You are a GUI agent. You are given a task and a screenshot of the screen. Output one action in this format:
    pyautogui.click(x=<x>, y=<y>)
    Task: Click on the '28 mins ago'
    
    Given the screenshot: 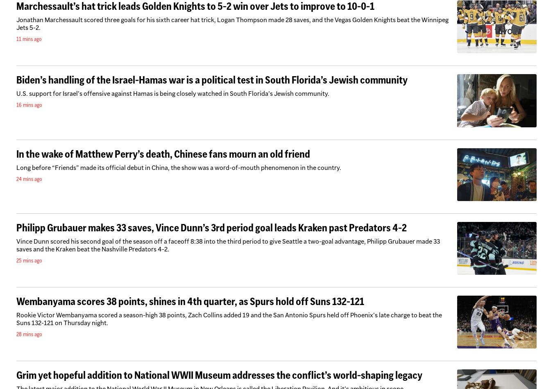 What is the action you would take?
    pyautogui.click(x=29, y=333)
    